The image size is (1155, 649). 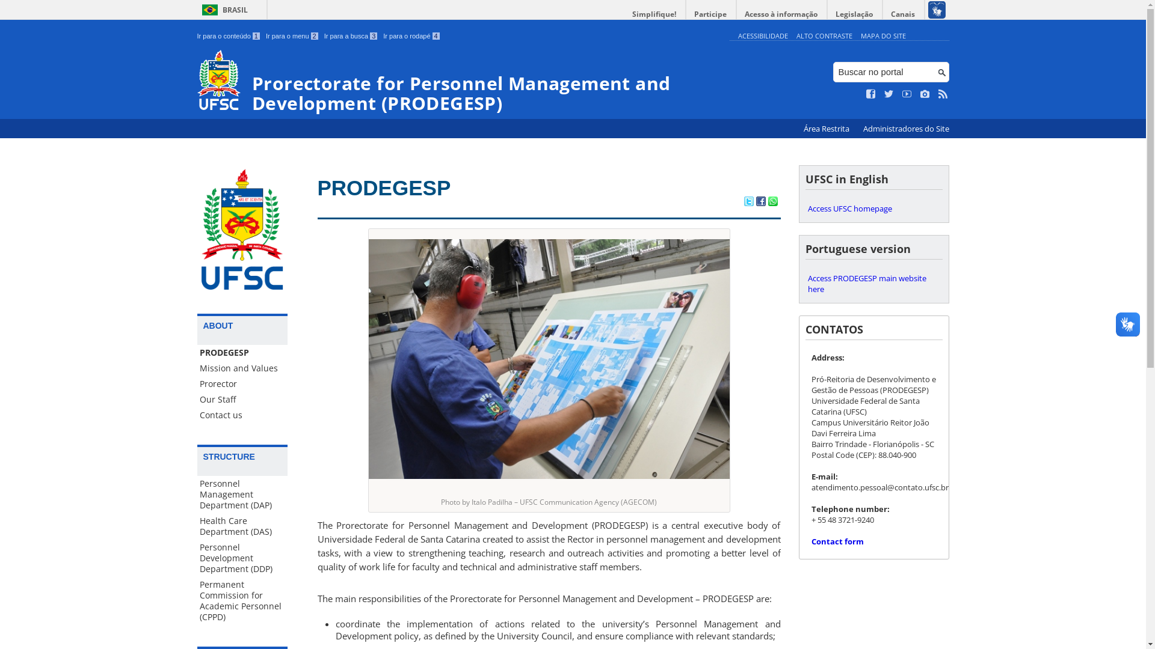 What do you see at coordinates (762, 35) in the screenshot?
I see `'ACESSIBILIDADE'` at bounding box center [762, 35].